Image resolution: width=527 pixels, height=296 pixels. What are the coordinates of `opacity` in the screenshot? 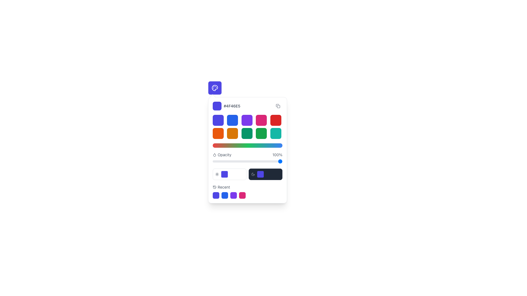 It's located at (213, 161).